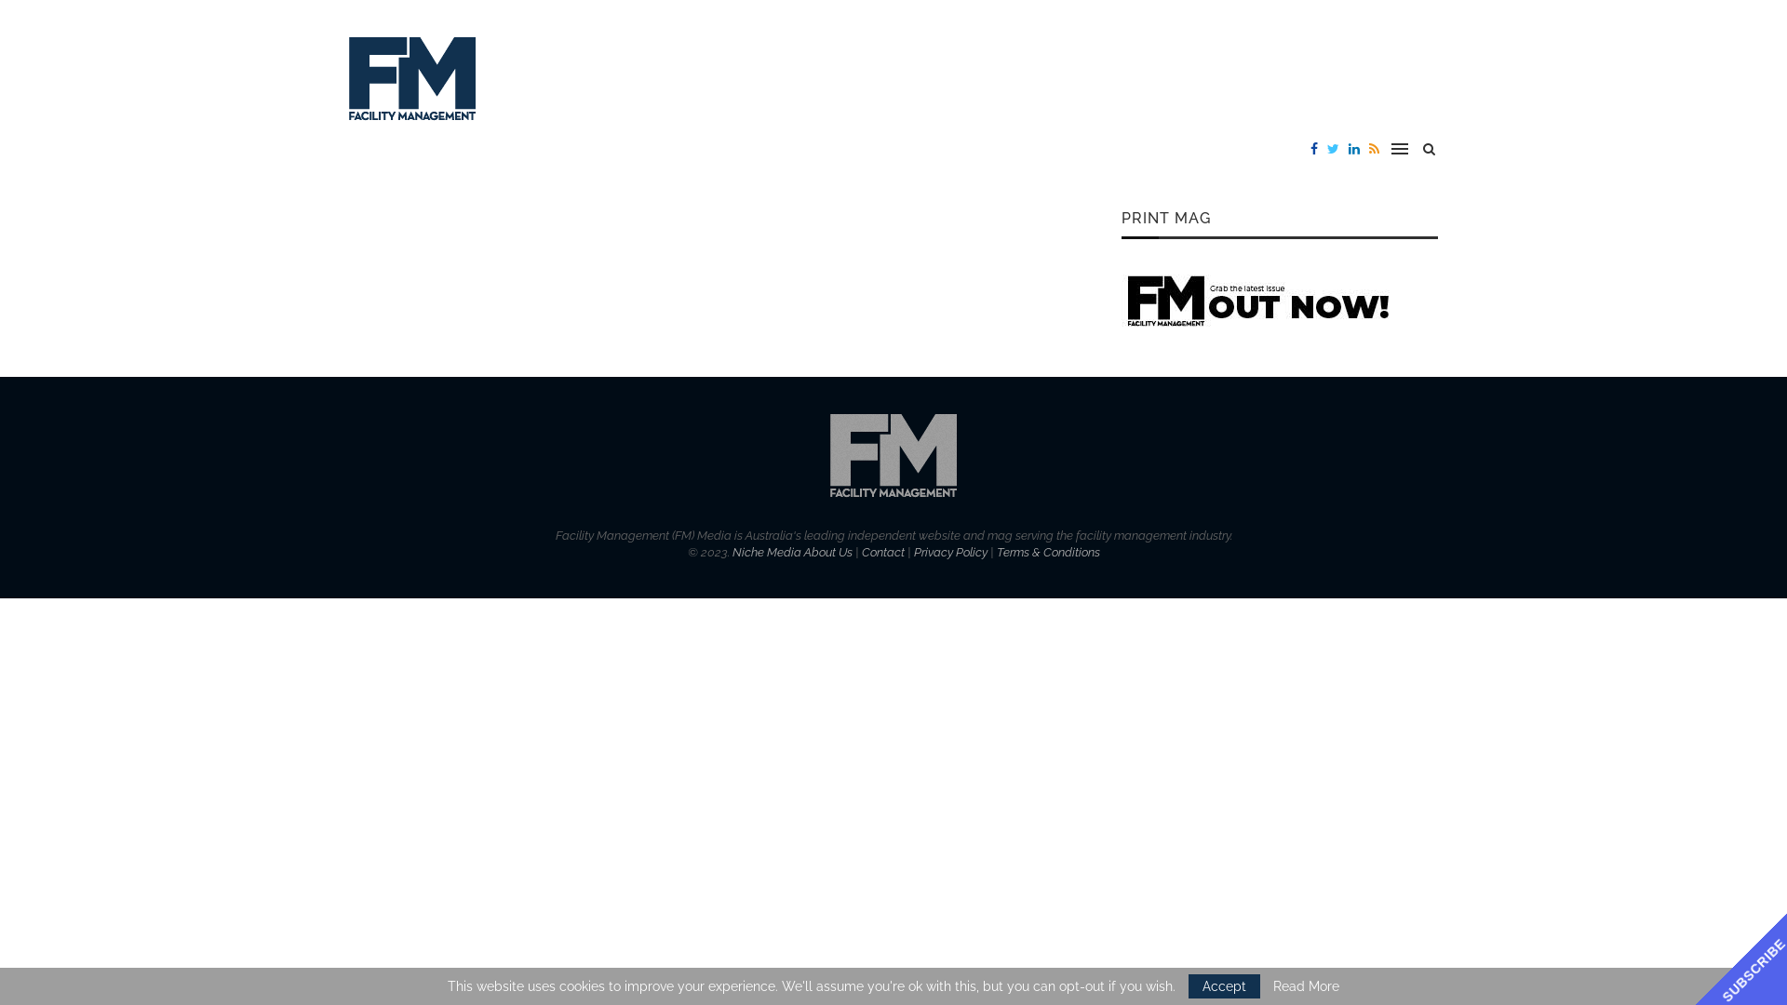 Image resolution: width=1787 pixels, height=1005 pixels. What do you see at coordinates (882, 551) in the screenshot?
I see `'Contact'` at bounding box center [882, 551].